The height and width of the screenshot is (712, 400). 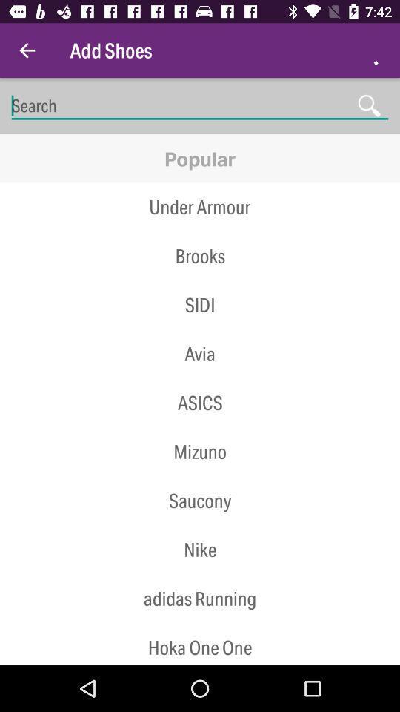 What do you see at coordinates (200, 105) in the screenshot?
I see `allow search entry` at bounding box center [200, 105].